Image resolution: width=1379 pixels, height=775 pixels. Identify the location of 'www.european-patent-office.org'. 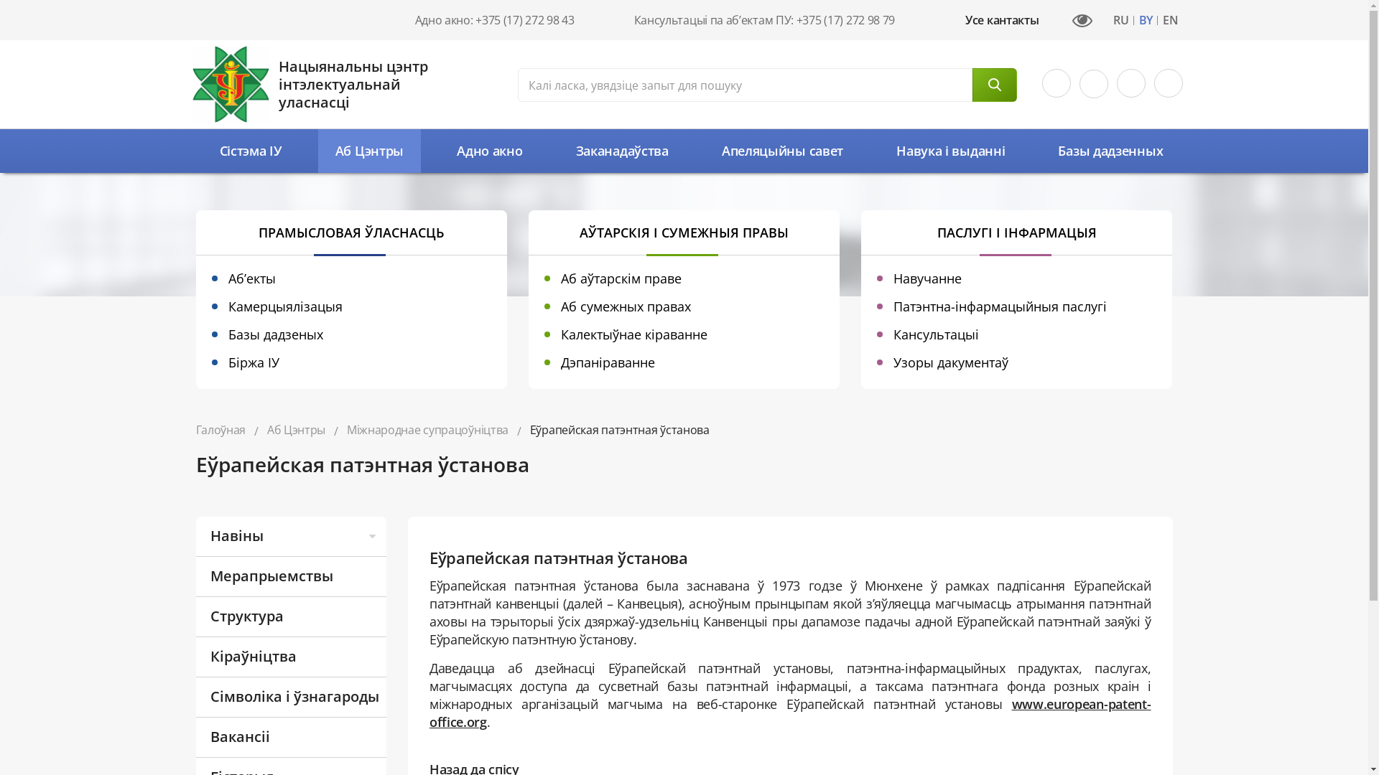
(429, 713).